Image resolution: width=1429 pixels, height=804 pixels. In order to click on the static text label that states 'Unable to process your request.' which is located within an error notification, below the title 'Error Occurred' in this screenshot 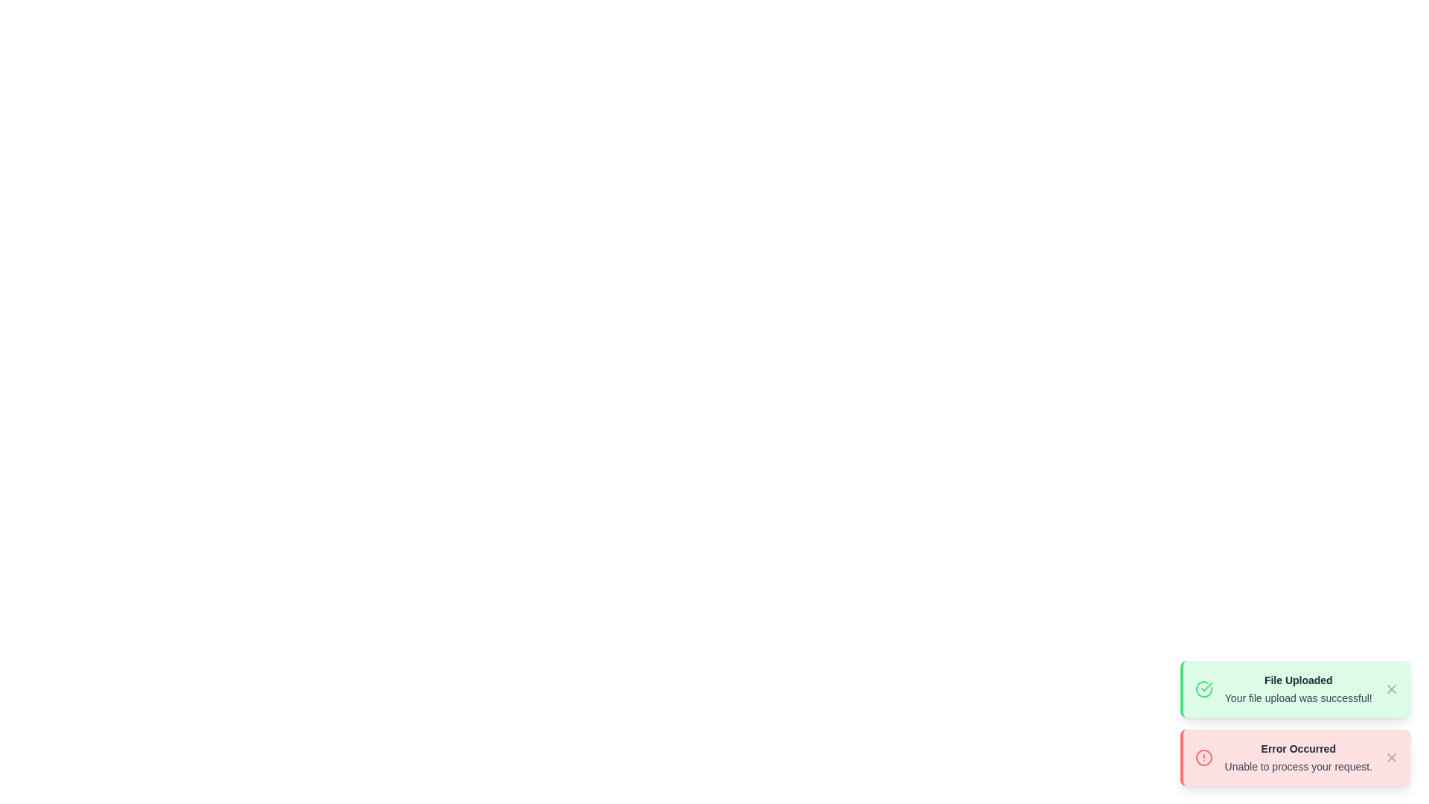, I will do `click(1297, 766)`.